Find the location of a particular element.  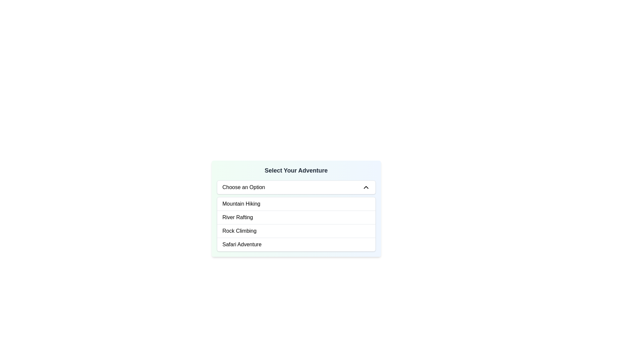

the chevron icon used as a dropdown toggle in the 'Choose an Option' section is located at coordinates (365, 187).